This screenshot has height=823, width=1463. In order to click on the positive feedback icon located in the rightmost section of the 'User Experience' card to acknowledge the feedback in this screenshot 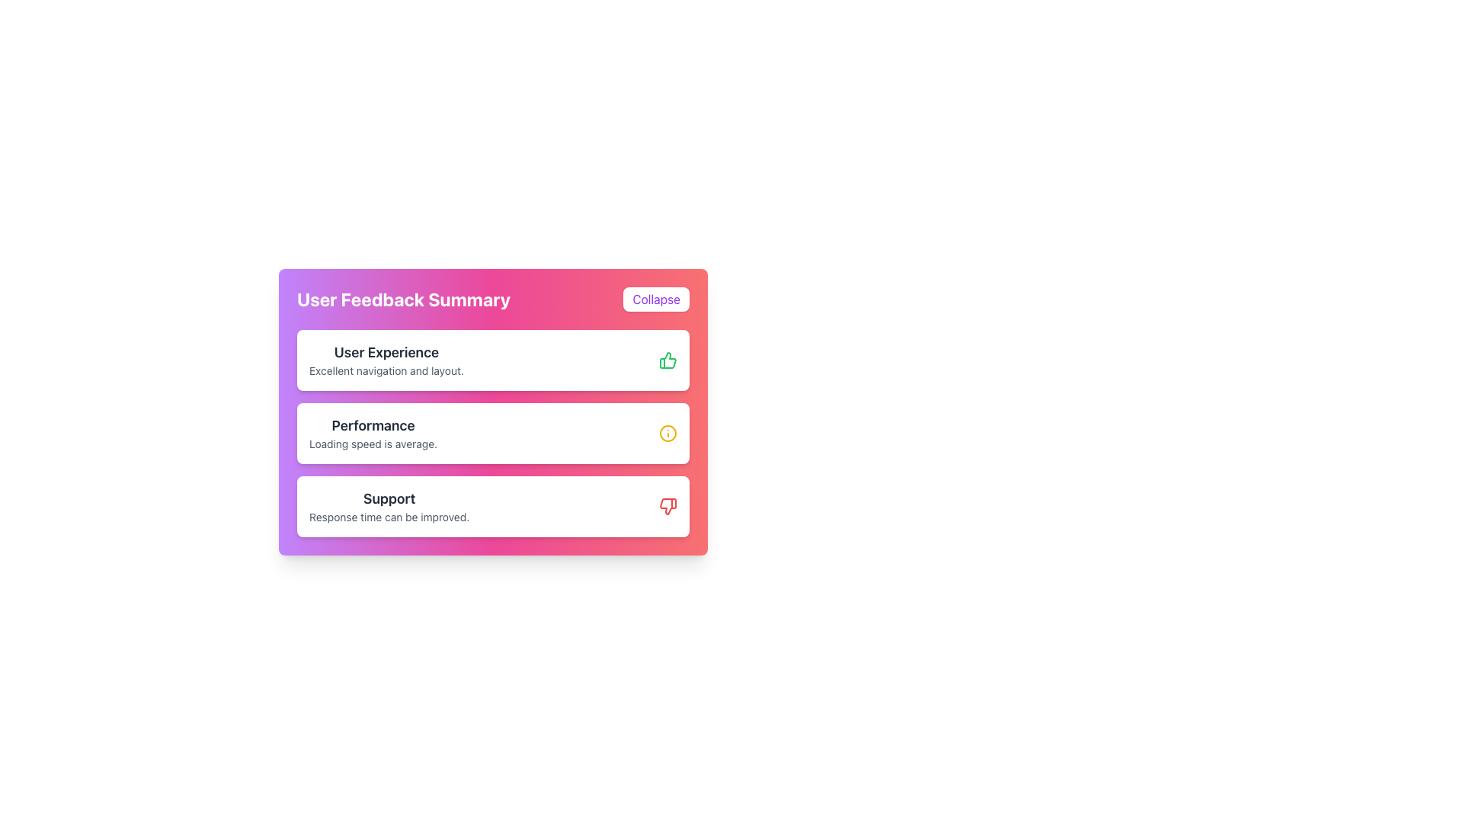, I will do `click(668, 360)`.